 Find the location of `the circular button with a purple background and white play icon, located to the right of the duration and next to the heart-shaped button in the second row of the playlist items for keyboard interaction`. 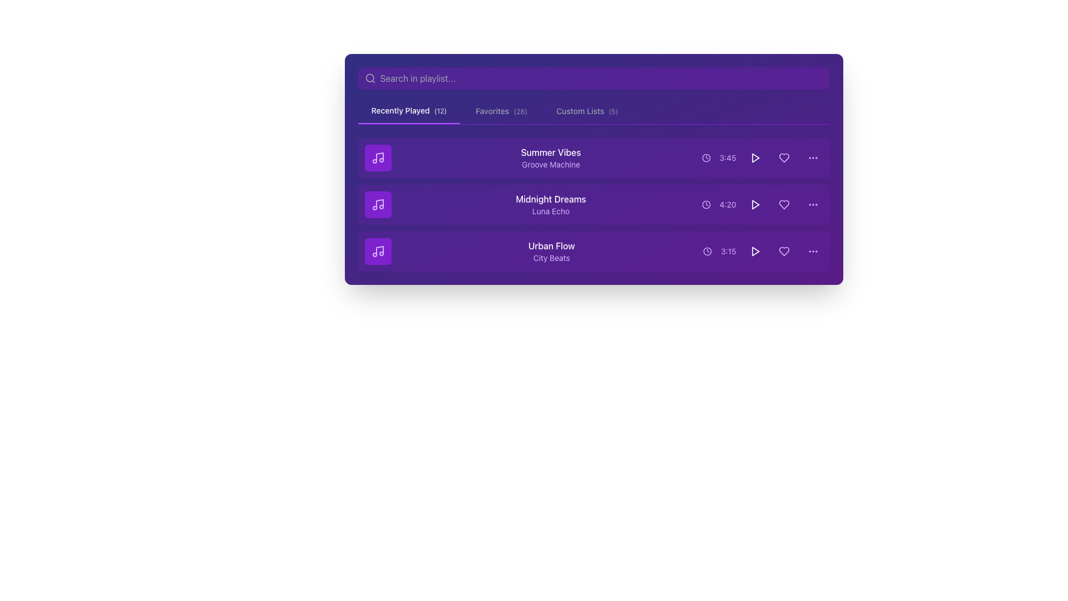

the circular button with a purple background and white play icon, located to the right of the duration and next to the heart-shaped button in the second row of the playlist items for keyboard interaction is located at coordinates (755, 204).